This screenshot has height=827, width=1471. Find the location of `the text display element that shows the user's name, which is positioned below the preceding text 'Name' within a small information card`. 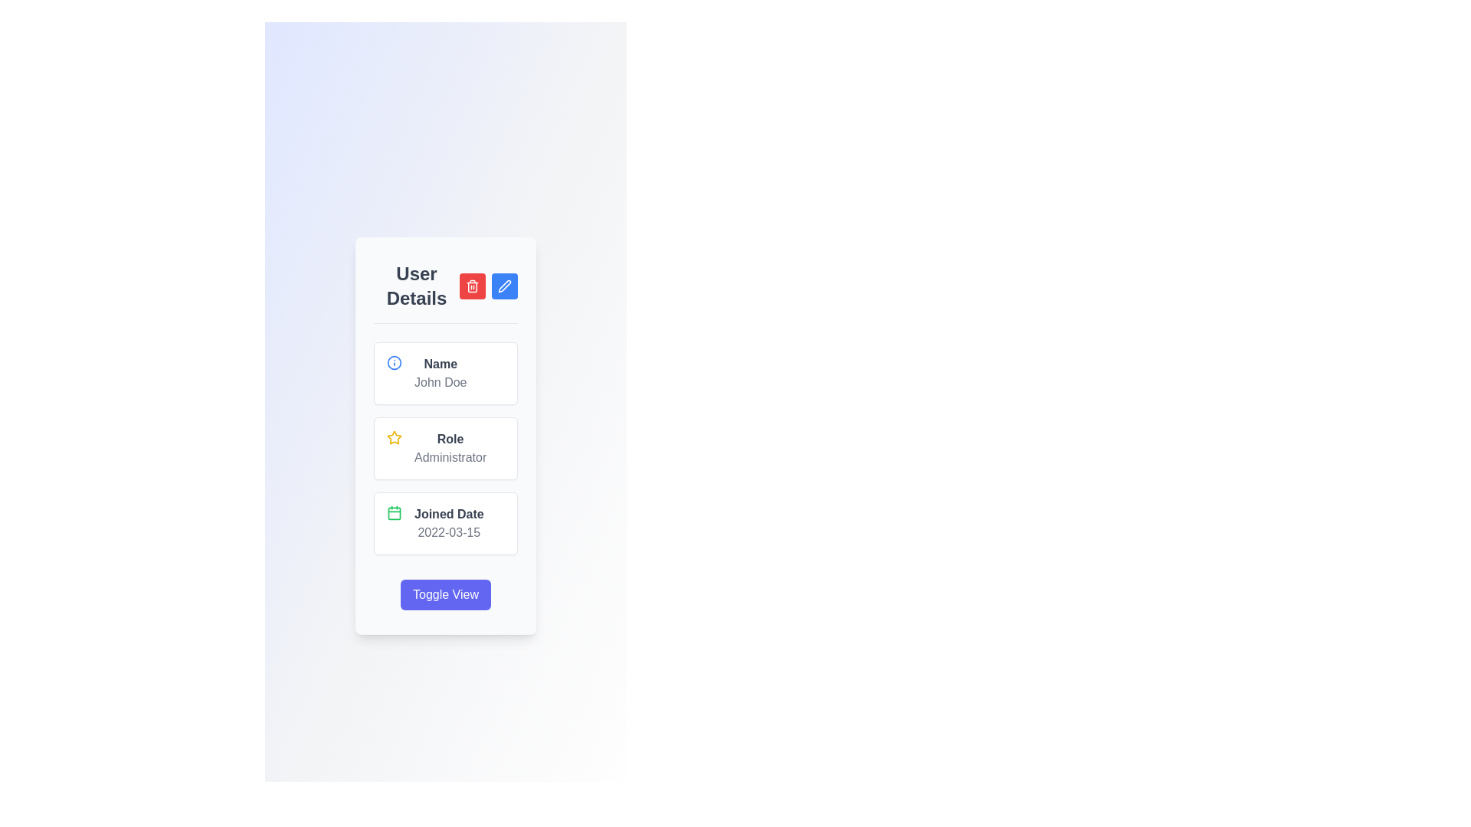

the text display element that shows the user's name, which is positioned below the preceding text 'Name' within a small information card is located at coordinates (440, 381).